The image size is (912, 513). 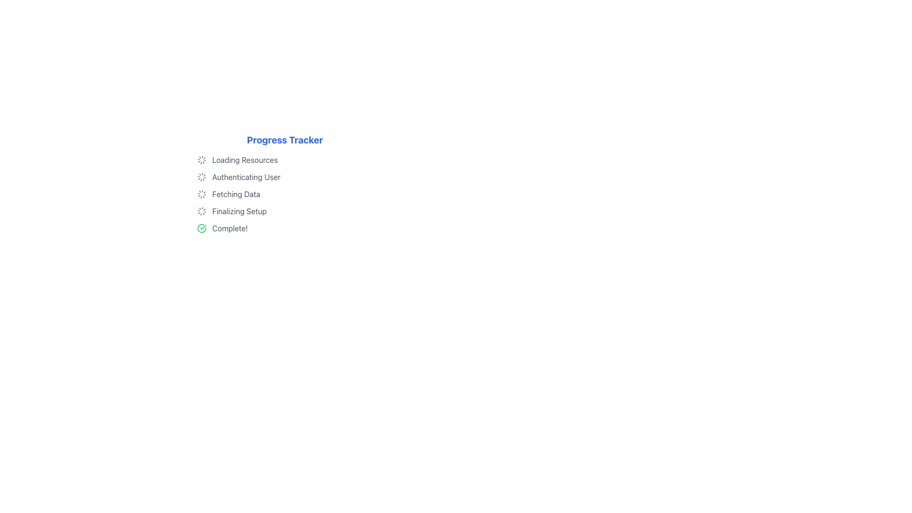 What do you see at coordinates (239, 210) in the screenshot?
I see `text from the fourth item in the vertical list of progress steps, which is located beneath the 'Fetching Data' label and above the 'Complete!' step` at bounding box center [239, 210].